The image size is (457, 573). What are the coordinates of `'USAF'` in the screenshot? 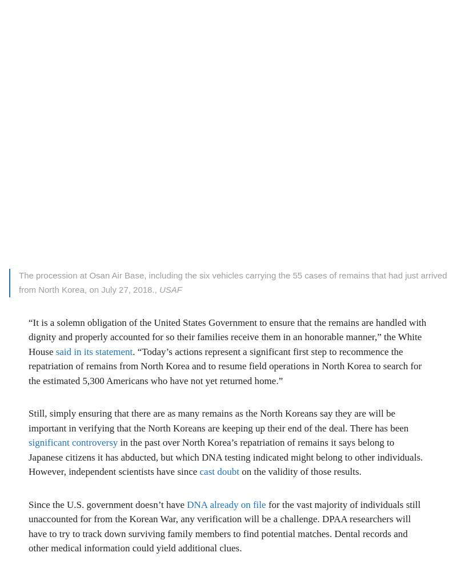 It's located at (170, 289).